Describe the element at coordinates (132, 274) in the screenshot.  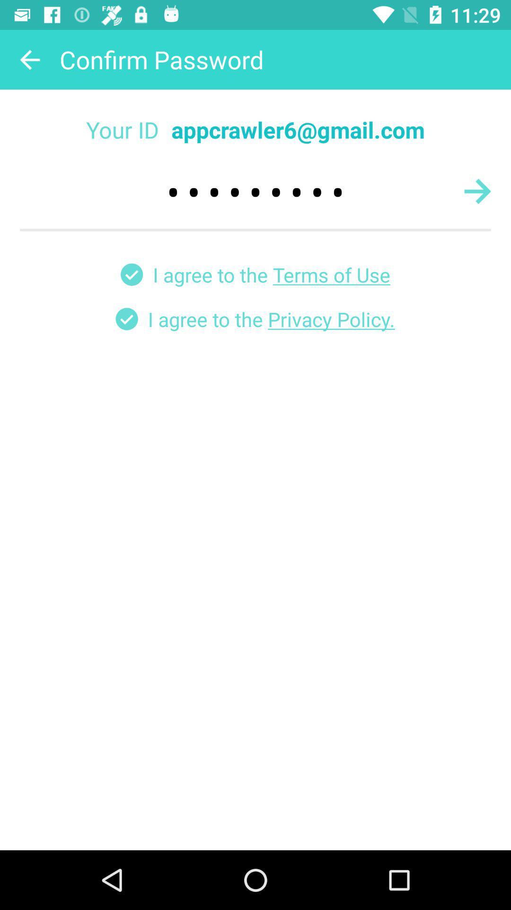
I see `the check icon` at that location.